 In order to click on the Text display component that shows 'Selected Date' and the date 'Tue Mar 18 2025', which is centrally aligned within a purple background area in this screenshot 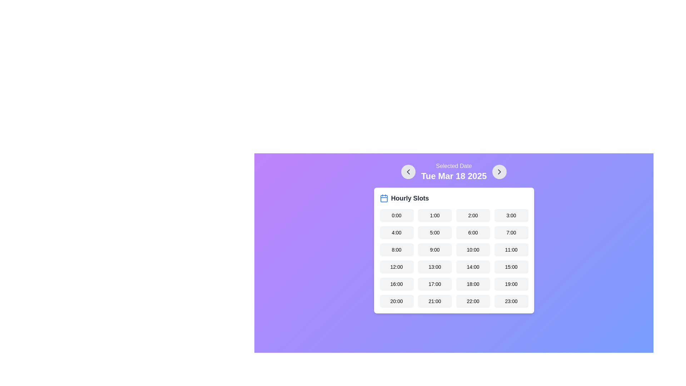, I will do `click(453, 172)`.